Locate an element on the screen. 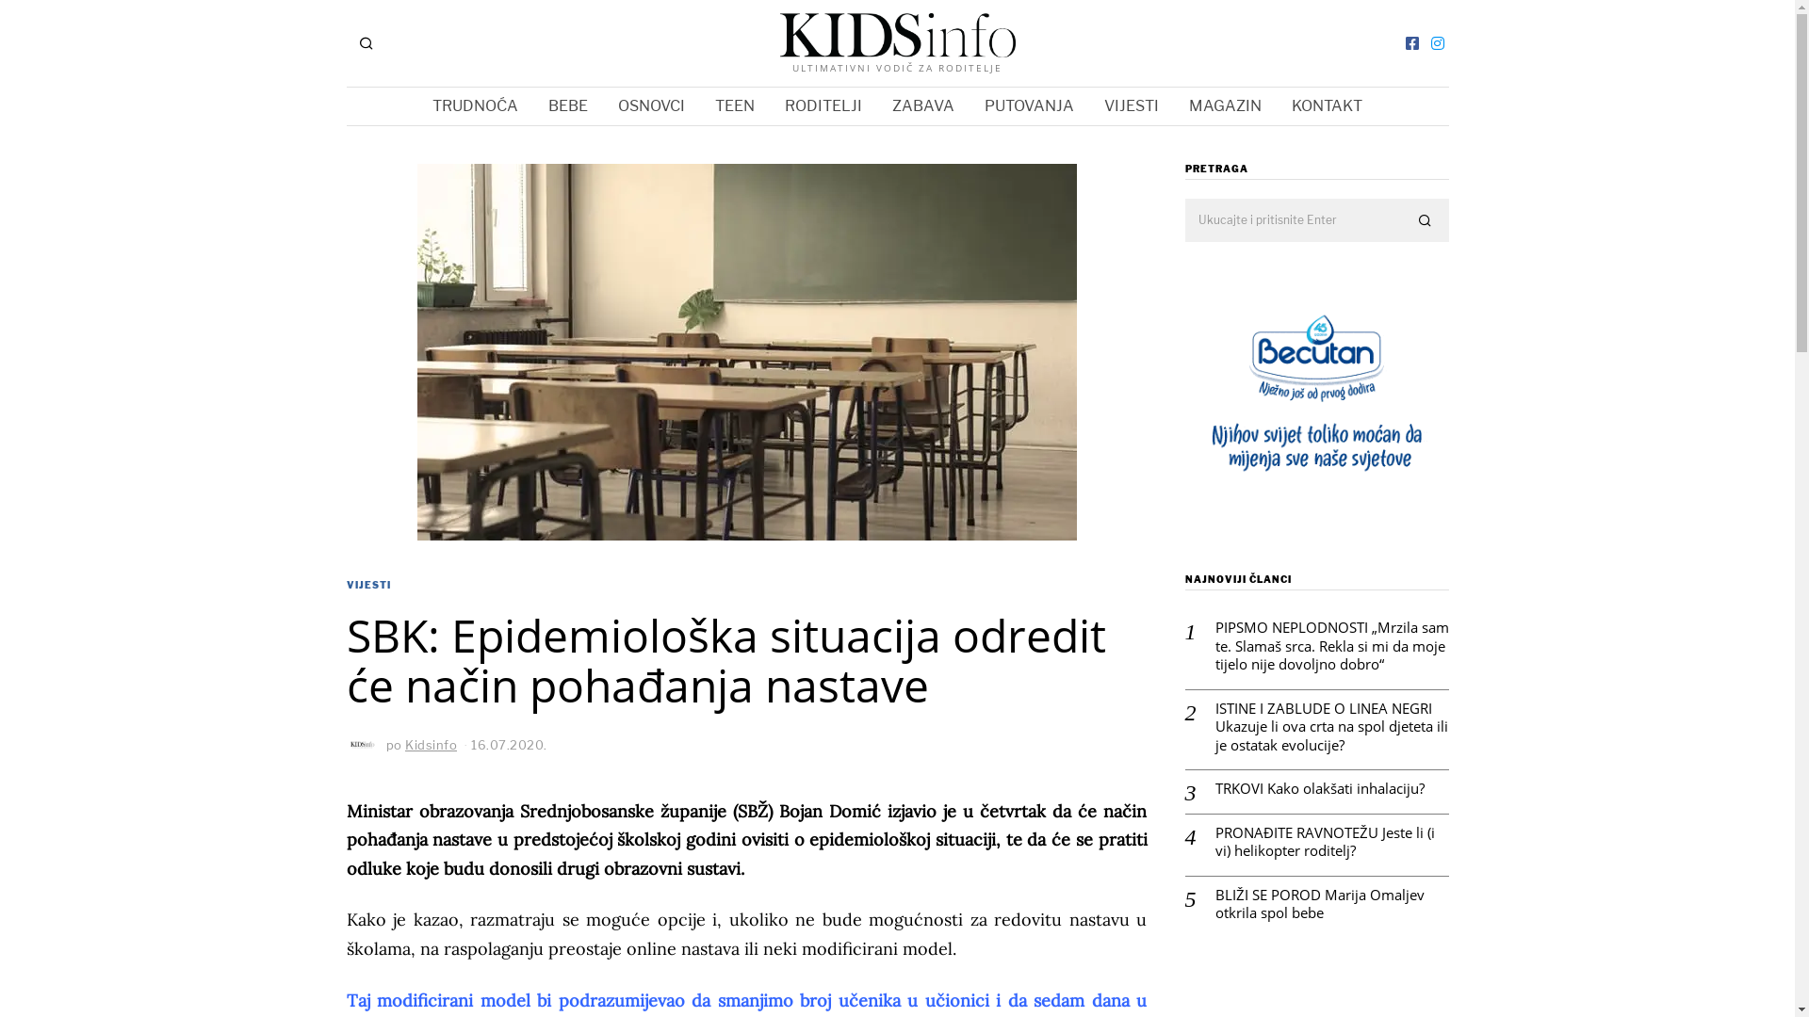  'RODITELJI' is located at coordinates (772, 105).